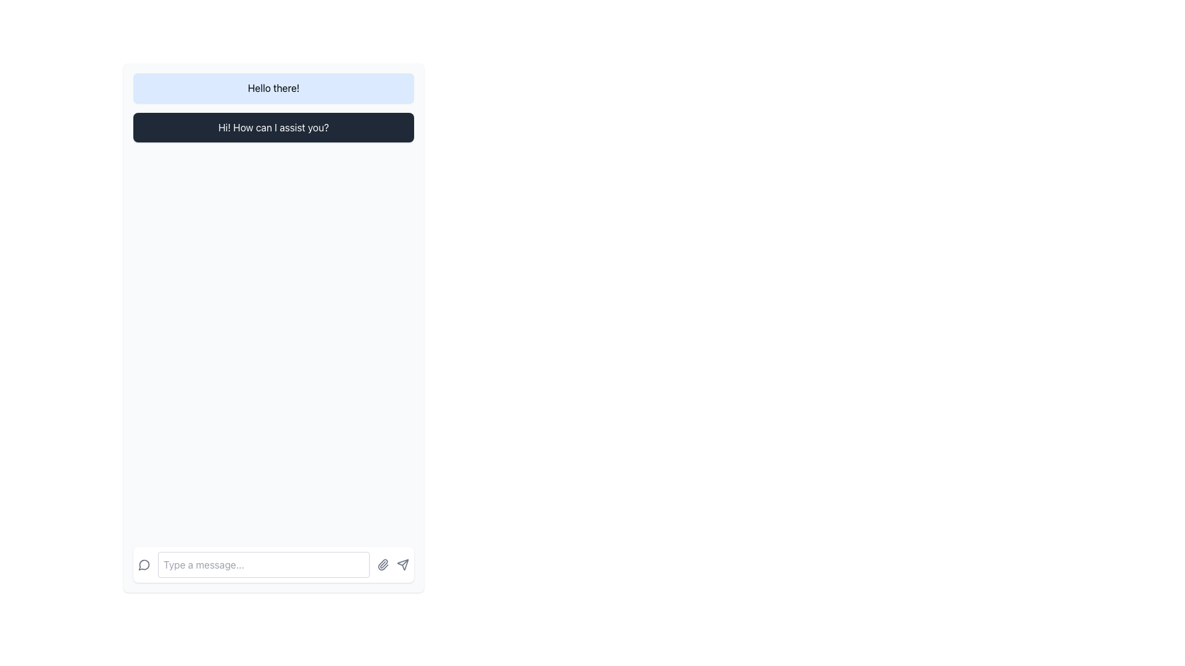 This screenshot has width=1185, height=666. Describe the element at coordinates (273, 128) in the screenshot. I see `the display text box located below the 'Hello there!' text, which presents information to the user and is the second element in the stacked arrangement` at that location.